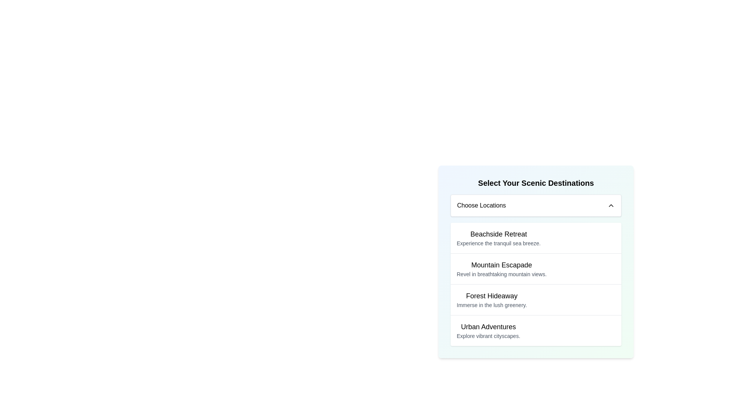 Image resolution: width=732 pixels, height=412 pixels. What do you see at coordinates (501, 274) in the screenshot?
I see `the descriptive text reading 'Revel in breathtaking mountain views.' which is styled in gray and located below the title 'Mountain Escapade.'` at bounding box center [501, 274].